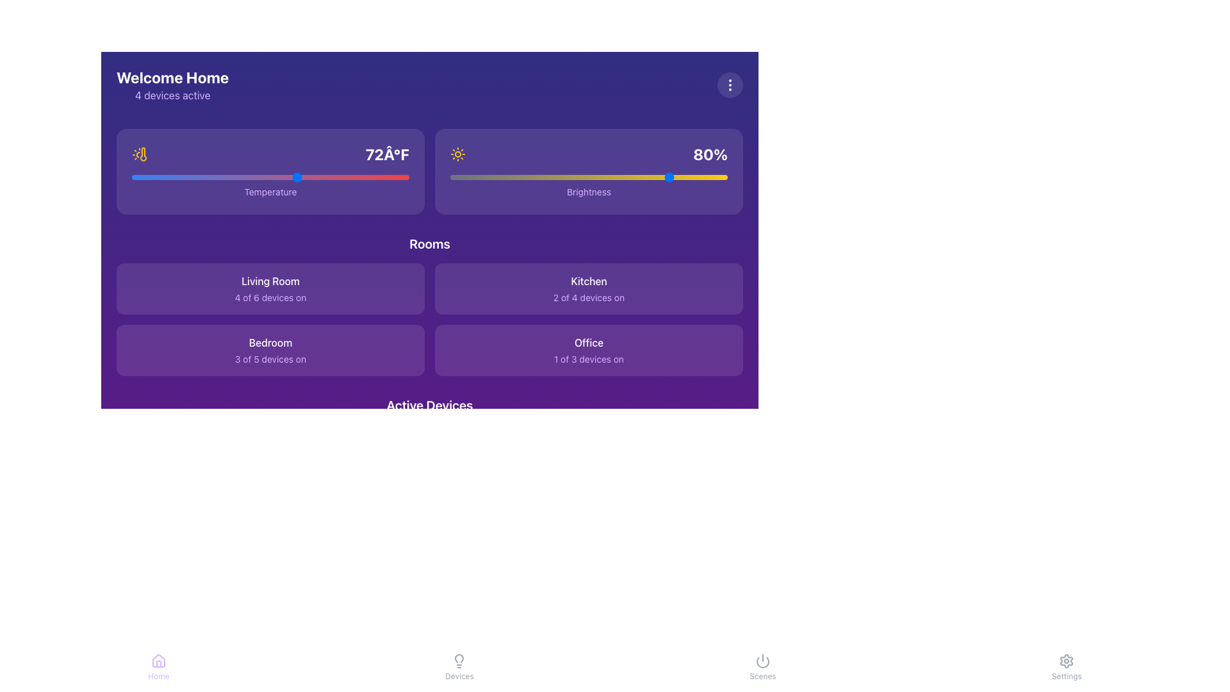  I want to click on the temperature, so click(297, 177).